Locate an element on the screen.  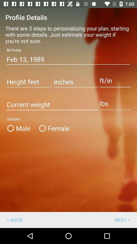
item to the left of lbs is located at coordinates (52, 104).